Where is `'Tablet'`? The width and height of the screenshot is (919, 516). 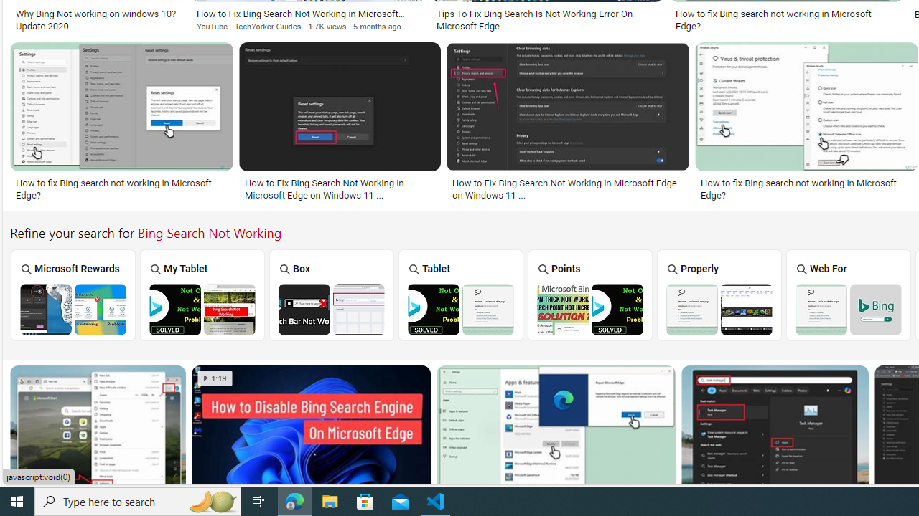
'Tablet' is located at coordinates (460, 294).